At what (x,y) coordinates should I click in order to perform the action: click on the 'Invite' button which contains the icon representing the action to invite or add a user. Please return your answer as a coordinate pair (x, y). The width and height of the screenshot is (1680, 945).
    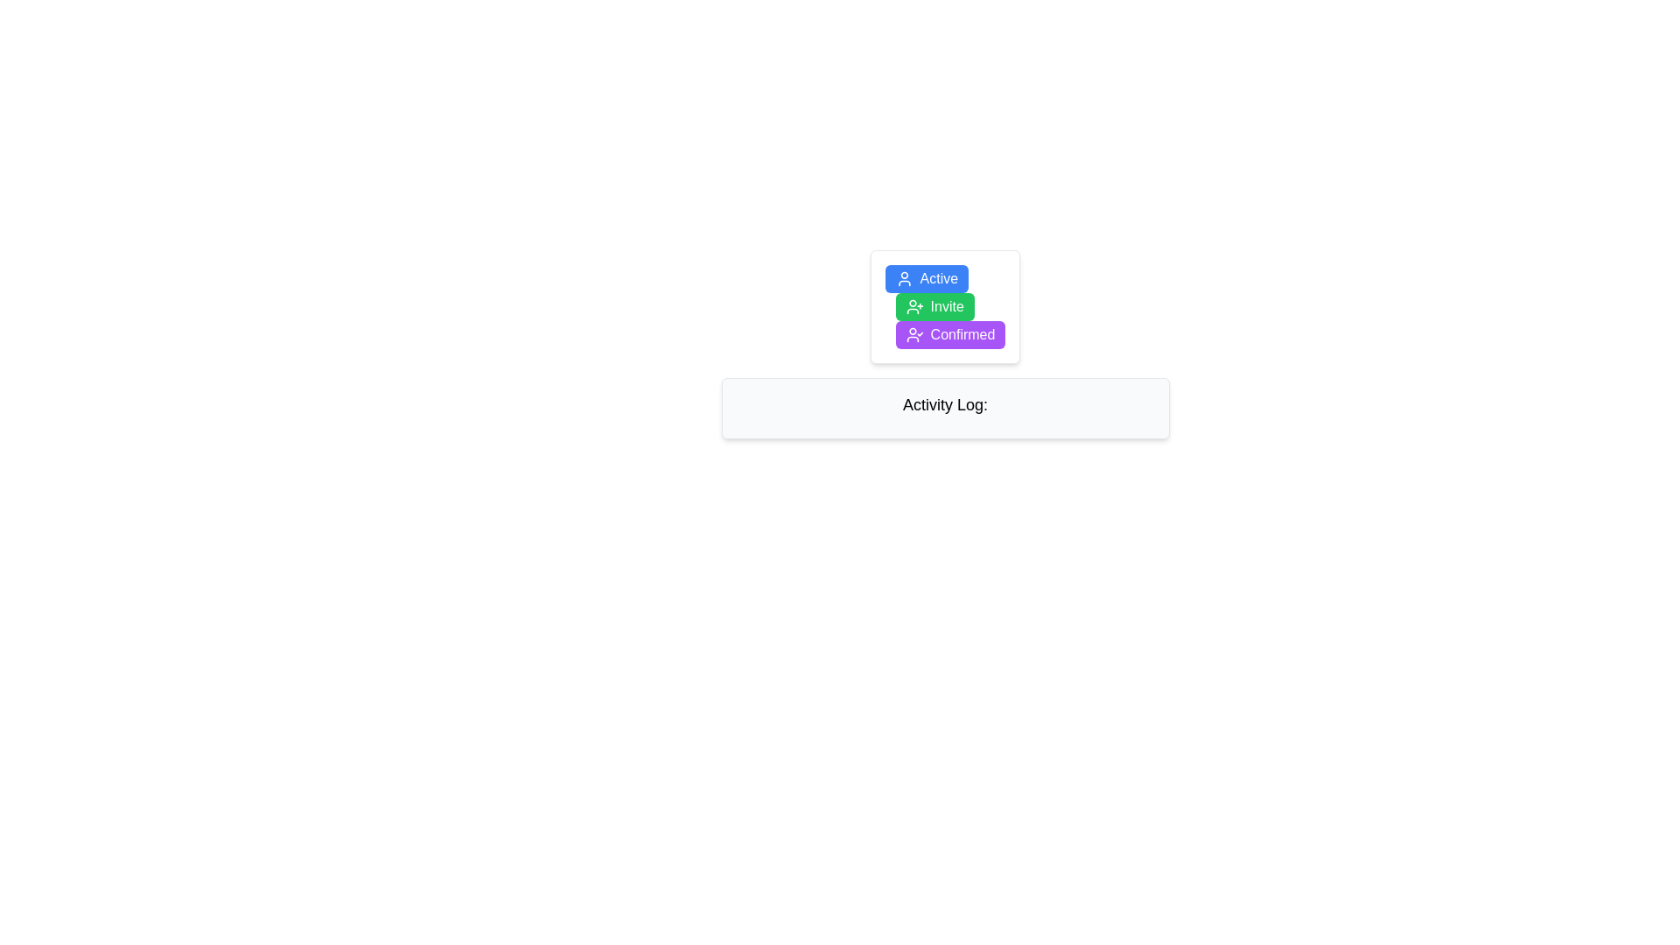
    Looking at the image, I should click on (913, 306).